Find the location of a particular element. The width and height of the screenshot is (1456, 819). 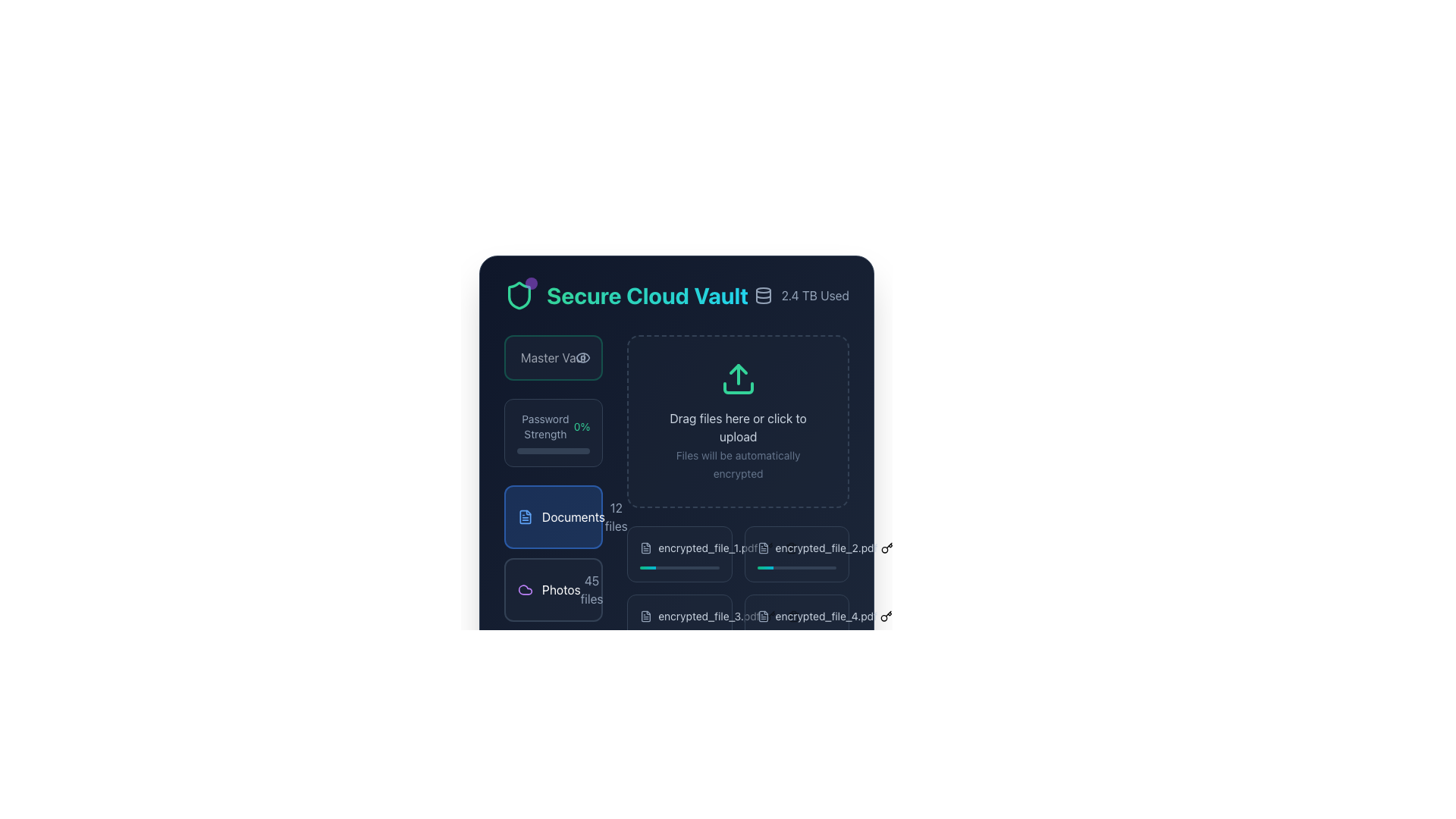

the Text Display with Icon that shows the filename 'encrypted_file_3.pdf' is located at coordinates (699, 617).